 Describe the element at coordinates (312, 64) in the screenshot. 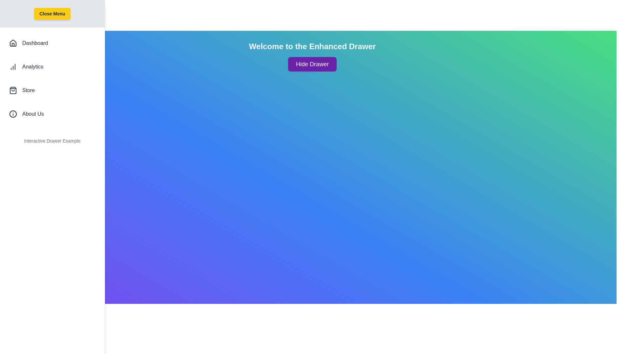

I see `the 'Hide Drawer' button to toggle the drawer visibility` at that location.